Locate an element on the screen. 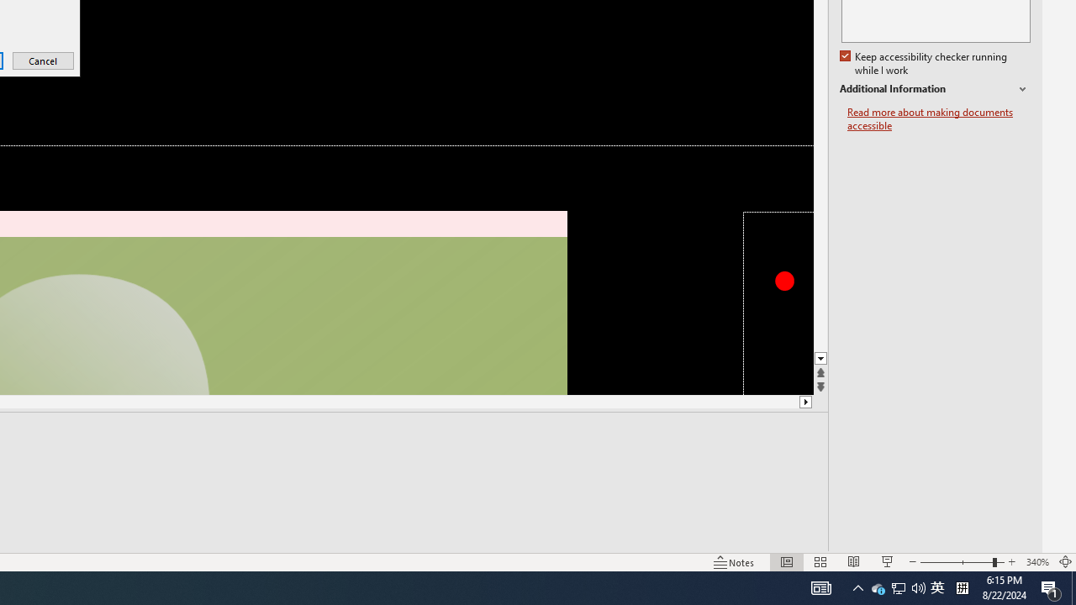 The height and width of the screenshot is (605, 1076). 'Q2790: 100%' is located at coordinates (918, 587).